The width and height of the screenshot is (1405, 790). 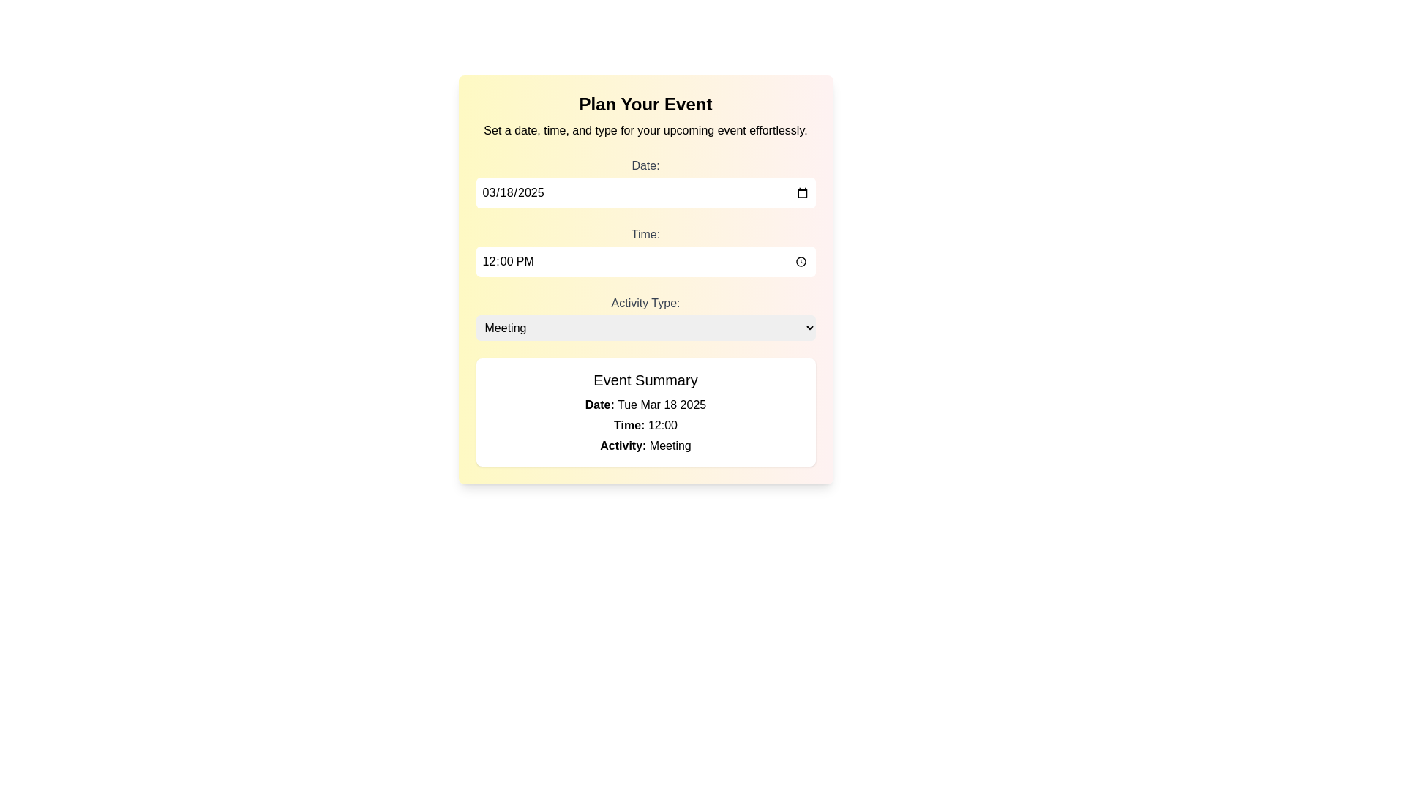 What do you see at coordinates (645, 445) in the screenshot?
I see `the static text label that displays 'Meeting', located at the bottom of the 'Event Summary' box, following 'Date' and 'Time'` at bounding box center [645, 445].